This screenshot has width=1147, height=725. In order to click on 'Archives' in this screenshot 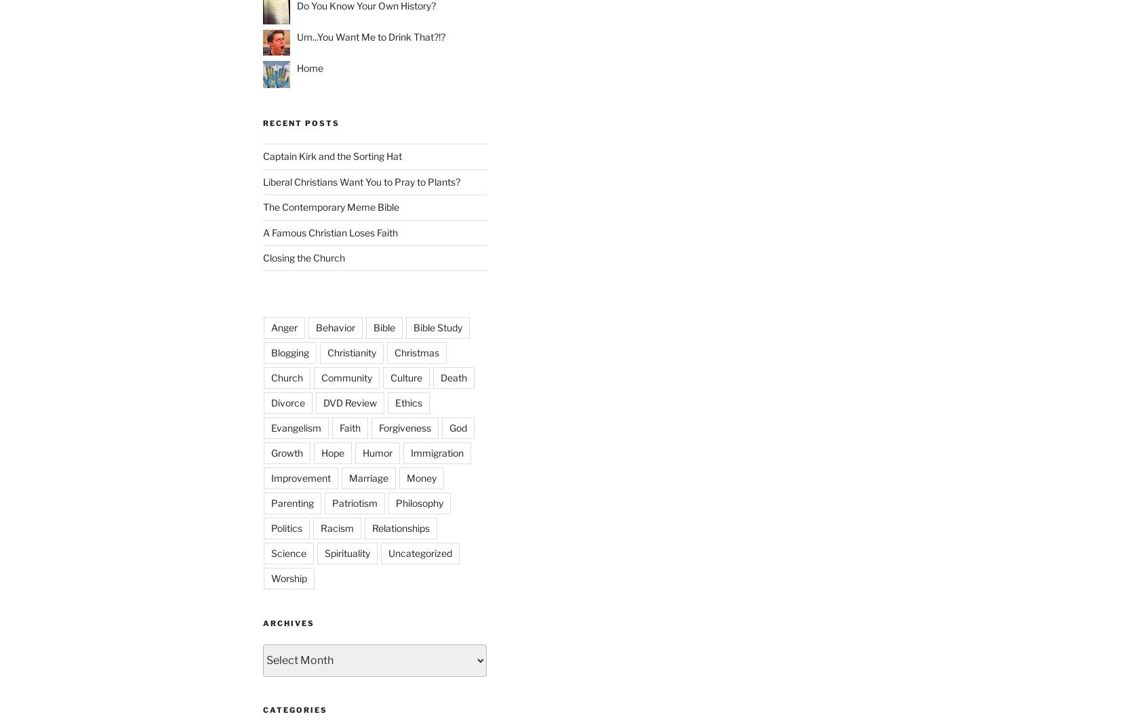, I will do `click(288, 622)`.